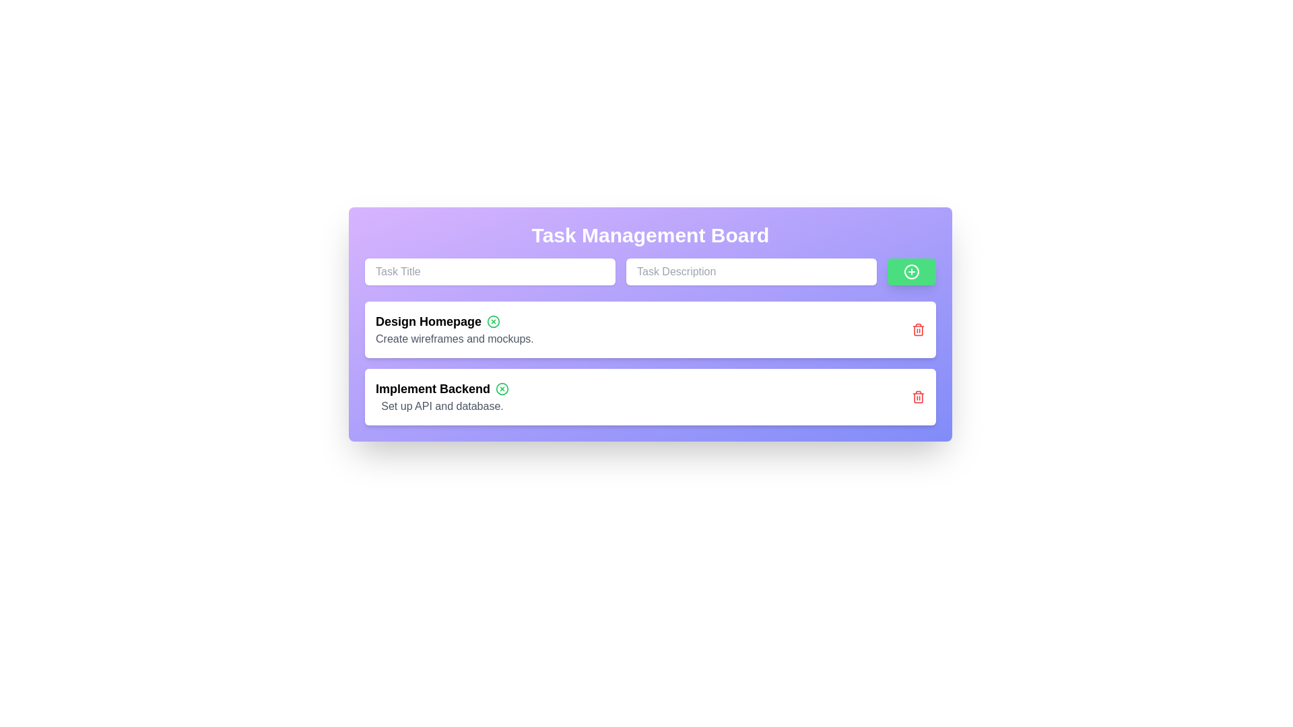 The width and height of the screenshot is (1293, 727). Describe the element at coordinates (650, 396) in the screenshot. I see `the 'Implement Backend' task card` at that location.